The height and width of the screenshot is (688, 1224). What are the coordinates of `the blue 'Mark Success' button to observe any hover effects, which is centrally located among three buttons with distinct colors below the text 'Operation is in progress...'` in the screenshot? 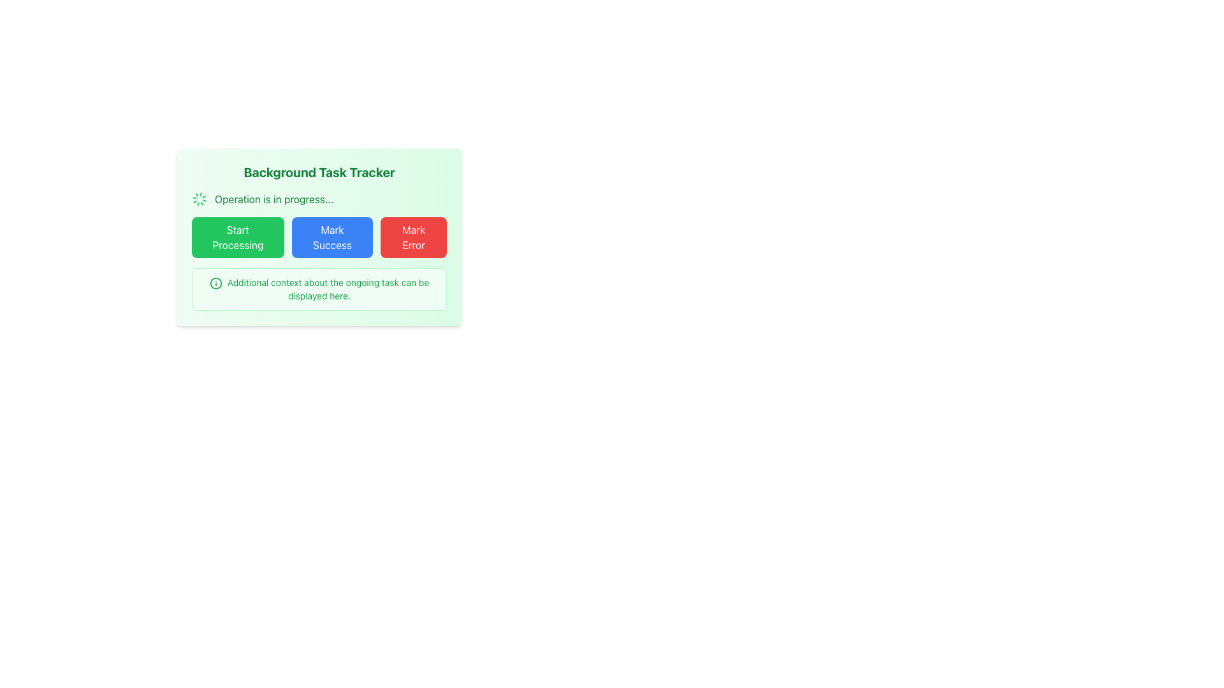 It's located at (319, 236).